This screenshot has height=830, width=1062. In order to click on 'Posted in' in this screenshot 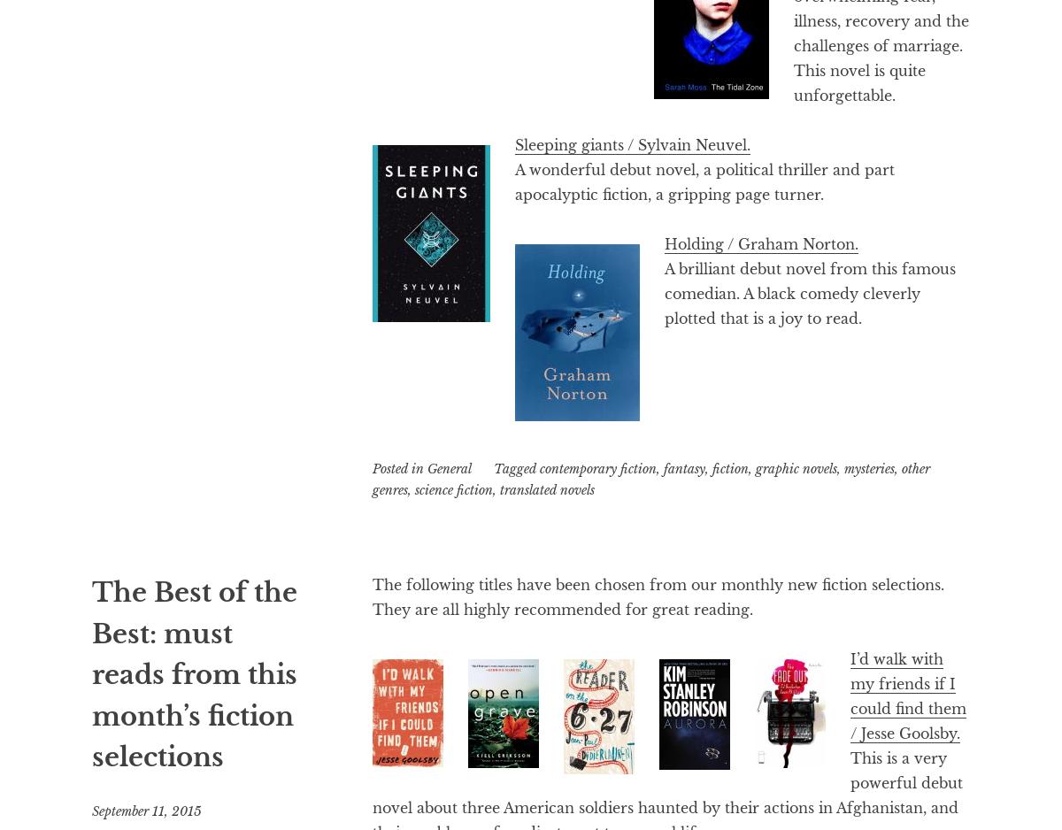, I will do `click(372, 467)`.